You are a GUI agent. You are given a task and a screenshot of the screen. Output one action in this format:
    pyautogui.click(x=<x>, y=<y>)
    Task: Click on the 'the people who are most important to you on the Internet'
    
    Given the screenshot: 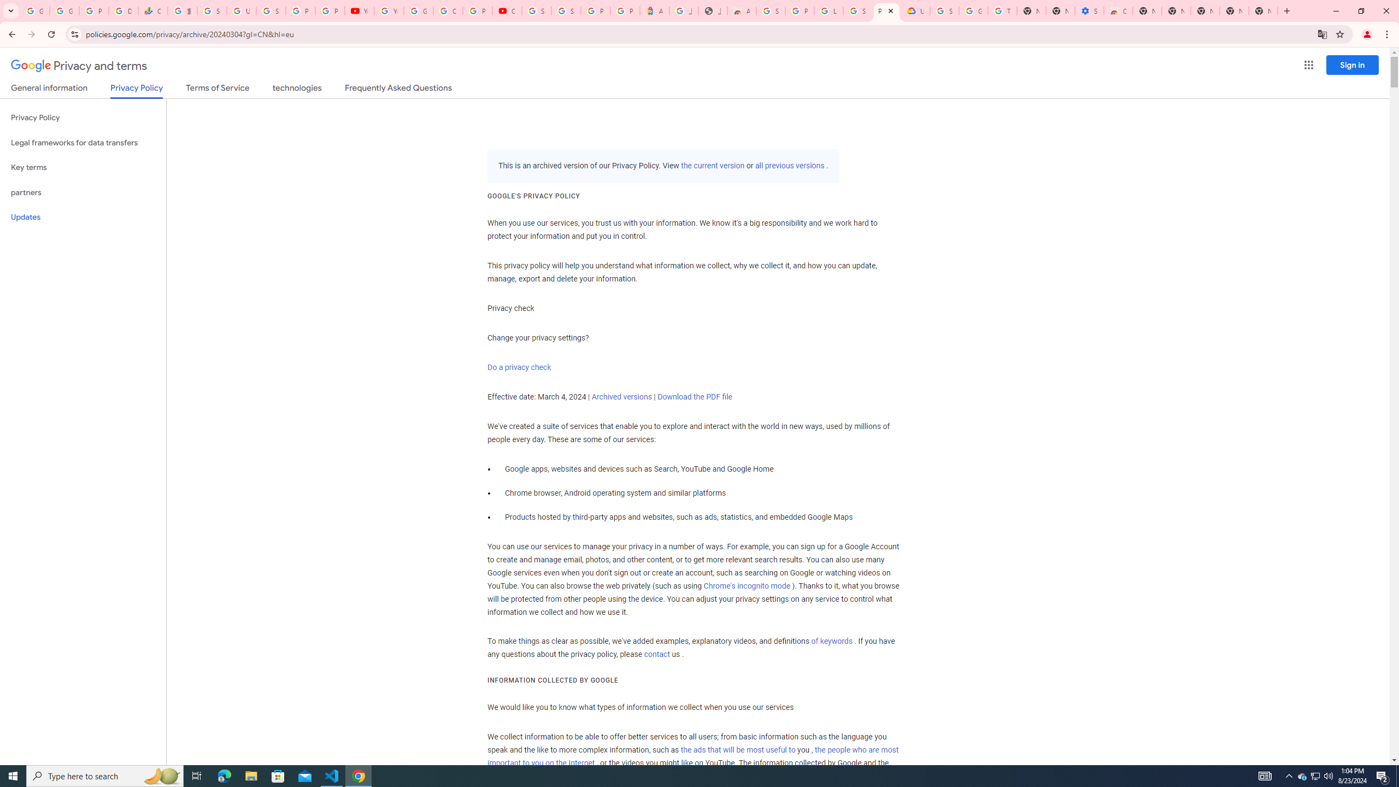 What is the action you would take?
    pyautogui.click(x=692, y=756)
    